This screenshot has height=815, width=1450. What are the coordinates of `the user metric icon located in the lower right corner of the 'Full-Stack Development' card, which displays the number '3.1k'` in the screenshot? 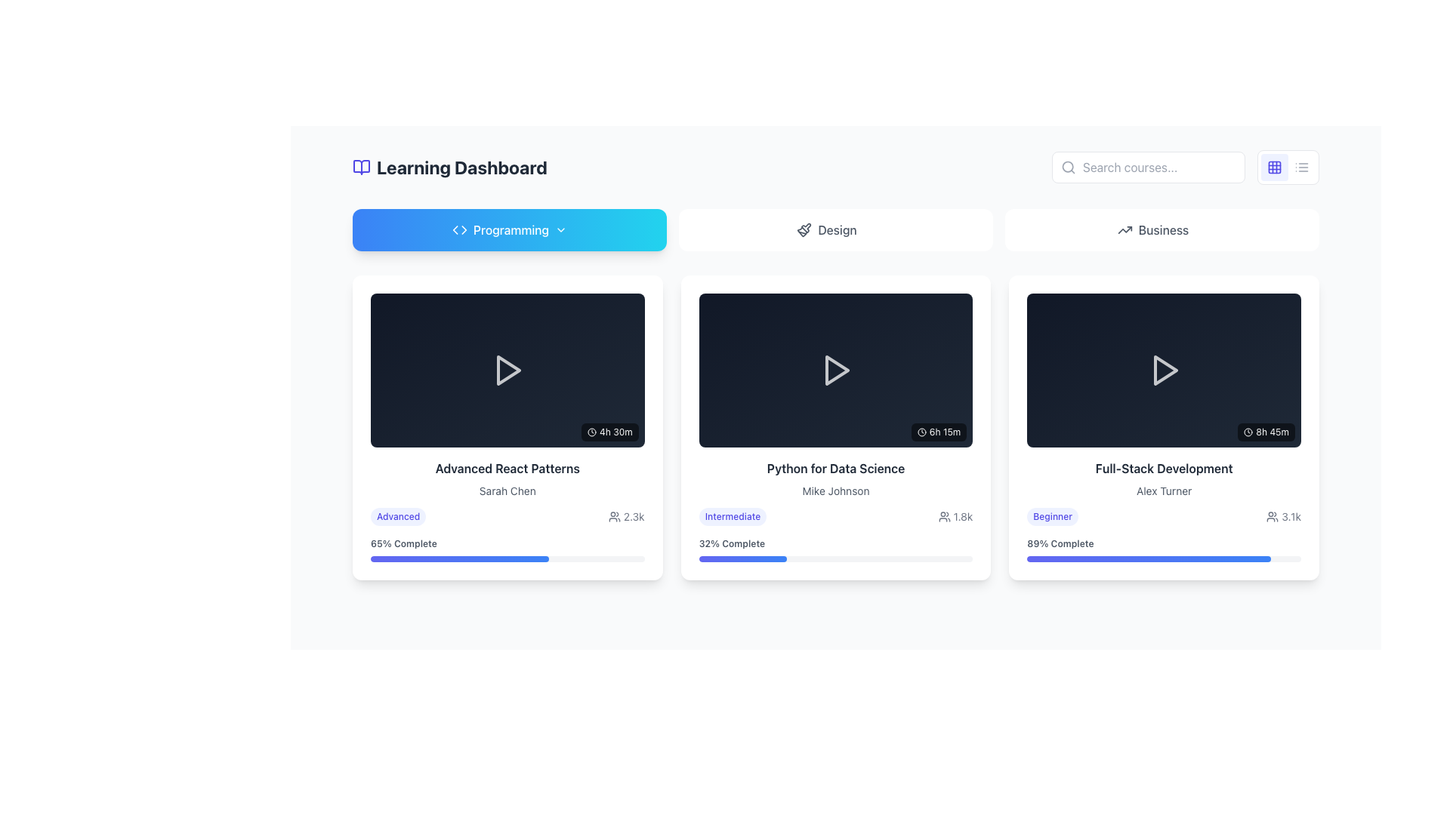 It's located at (1272, 515).